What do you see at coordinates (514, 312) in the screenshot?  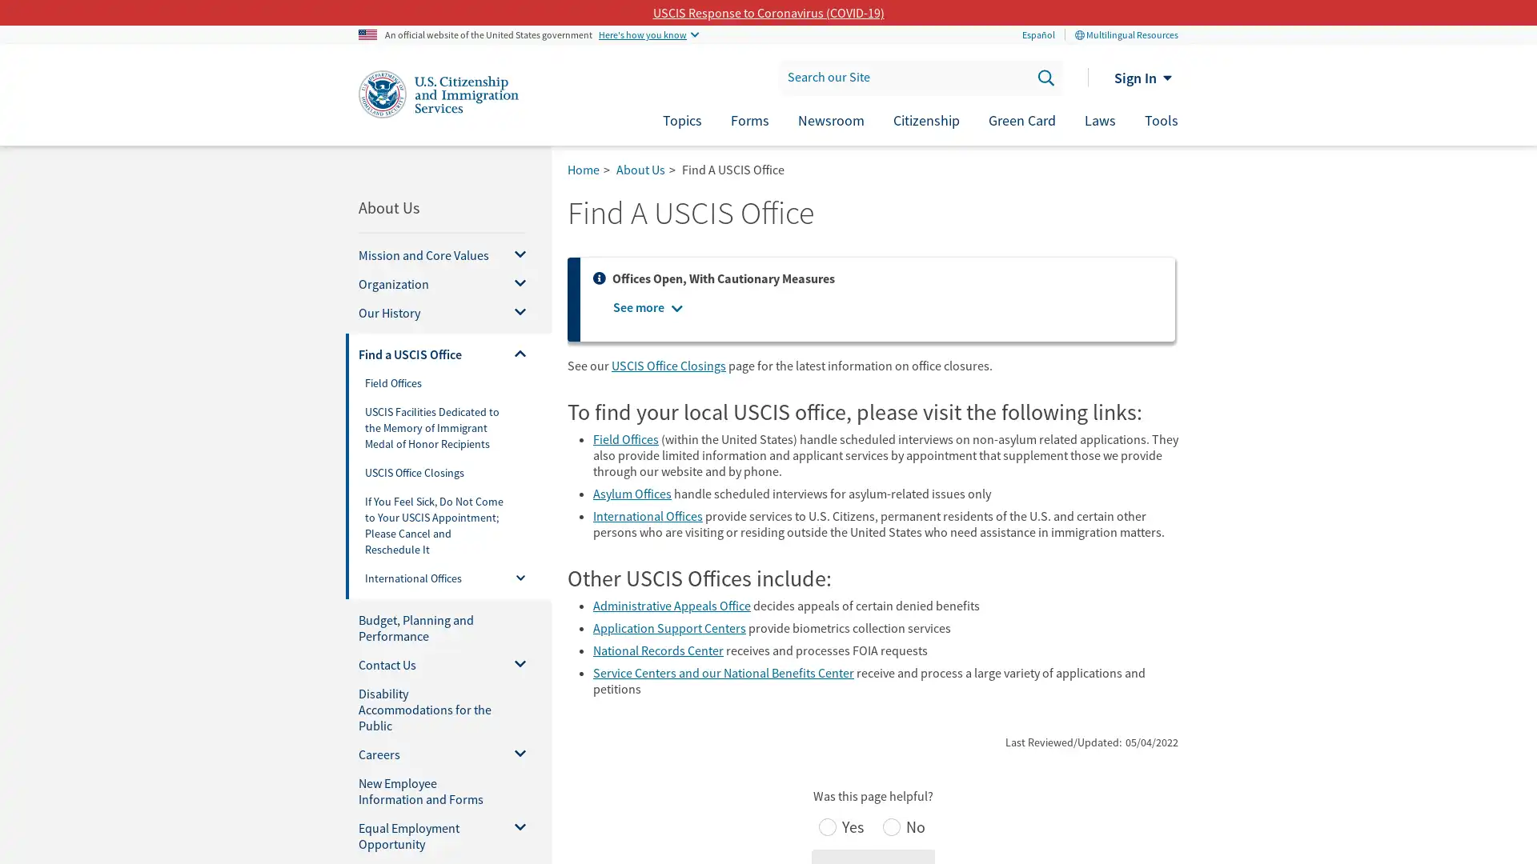 I see `Toggle menu for Our History` at bounding box center [514, 312].